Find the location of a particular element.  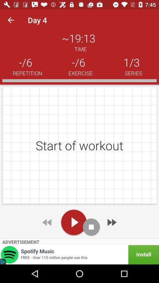

previous page is located at coordinates (47, 222).